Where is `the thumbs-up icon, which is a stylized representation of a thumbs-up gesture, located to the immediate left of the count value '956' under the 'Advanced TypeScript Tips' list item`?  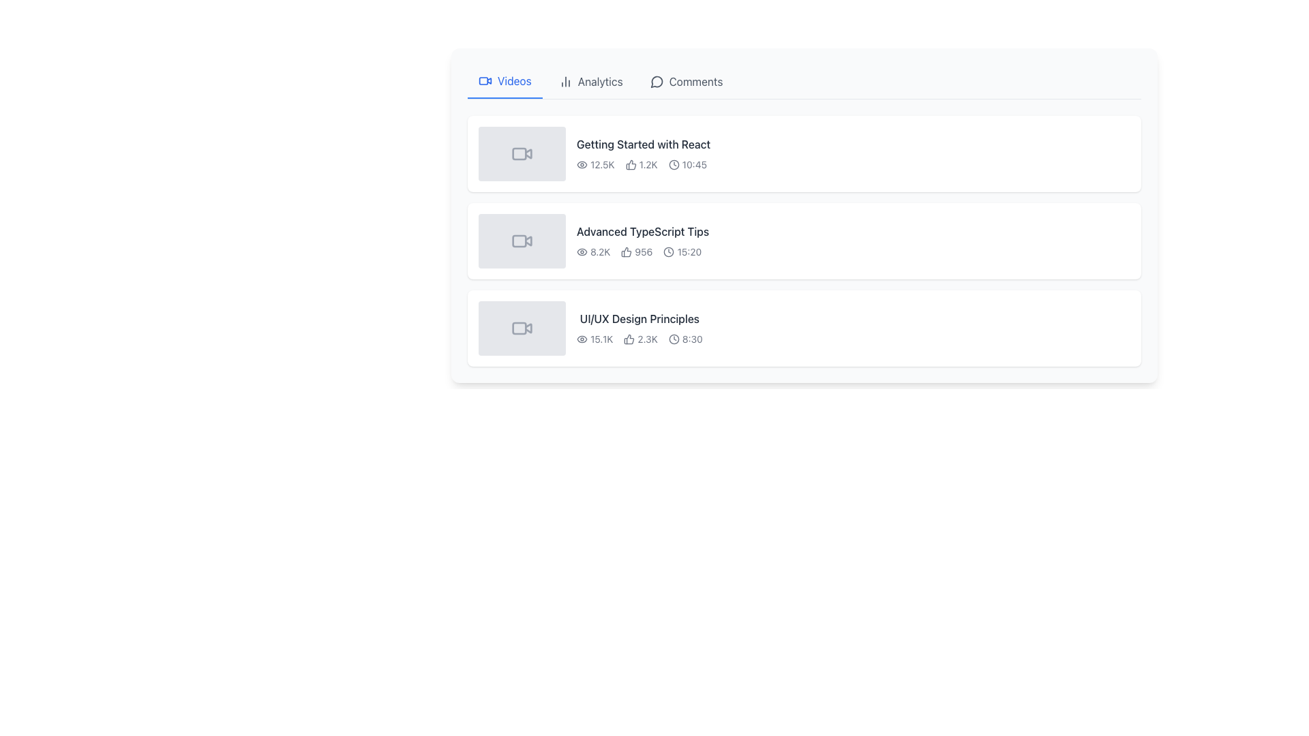 the thumbs-up icon, which is a stylized representation of a thumbs-up gesture, located to the immediate left of the count value '956' under the 'Advanced TypeScript Tips' list item is located at coordinates (626, 252).